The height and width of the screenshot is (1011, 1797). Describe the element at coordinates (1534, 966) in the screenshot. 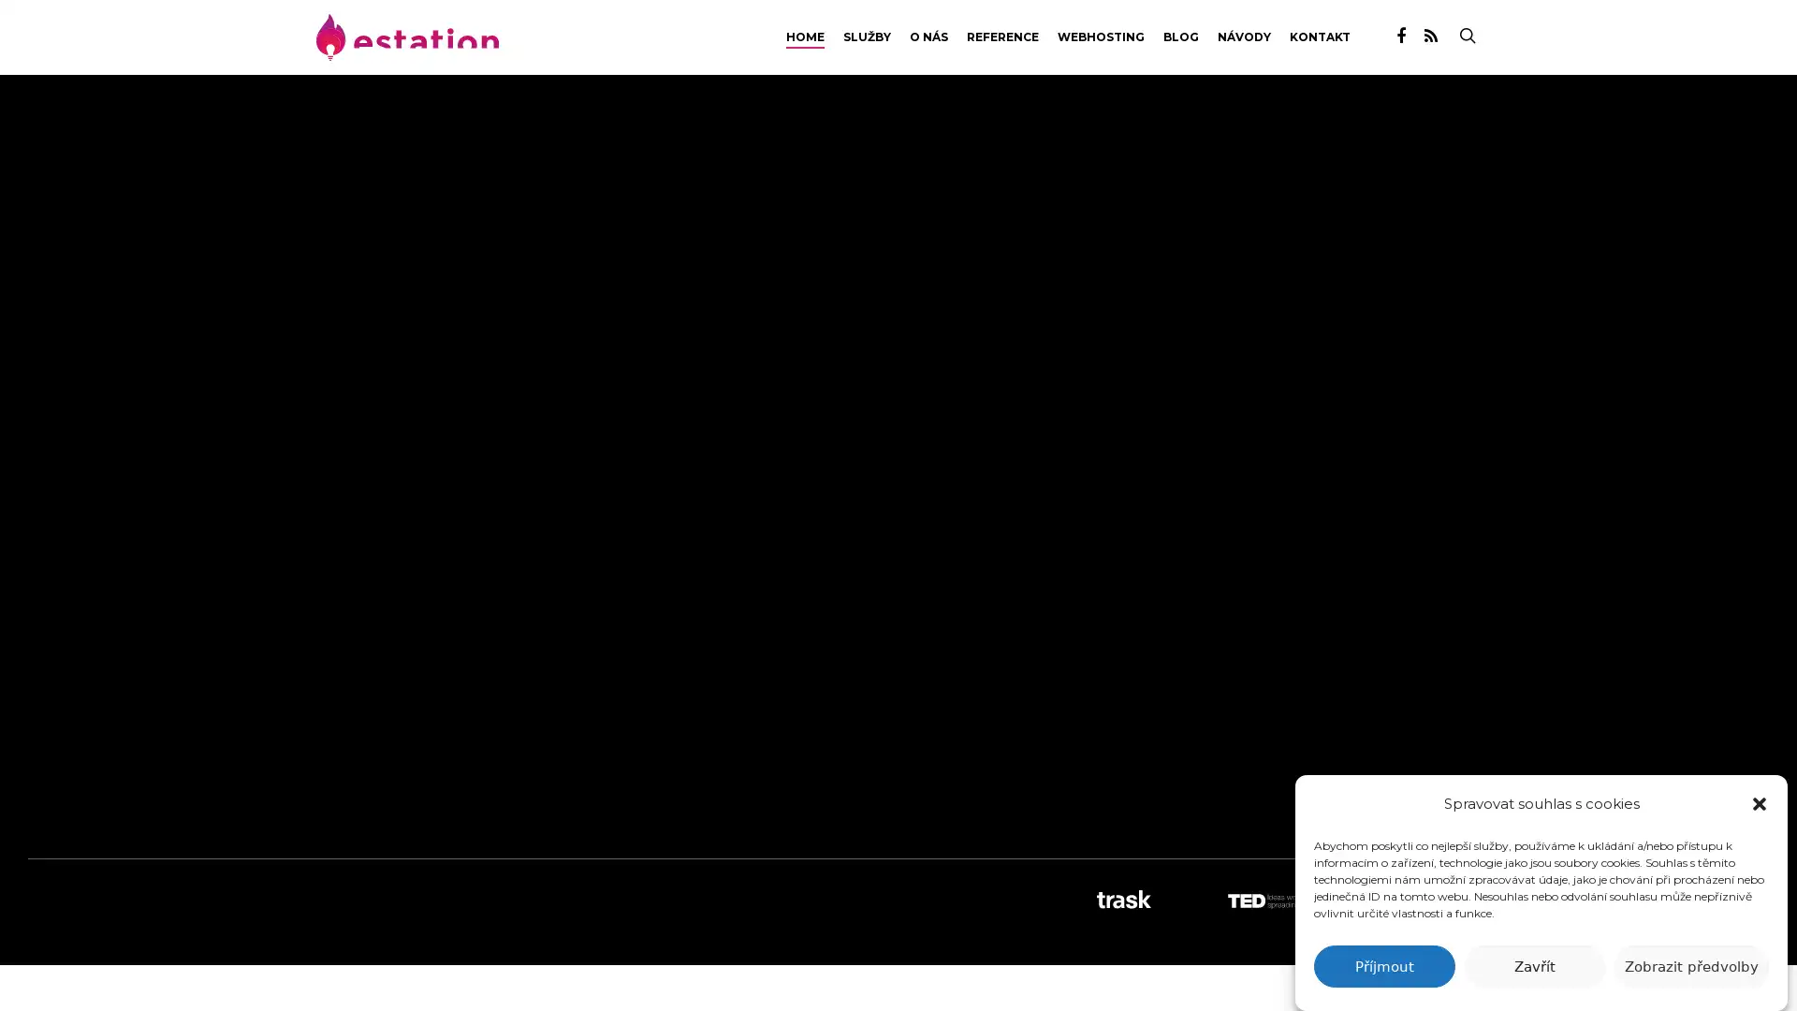

I see `Zavrit` at that location.